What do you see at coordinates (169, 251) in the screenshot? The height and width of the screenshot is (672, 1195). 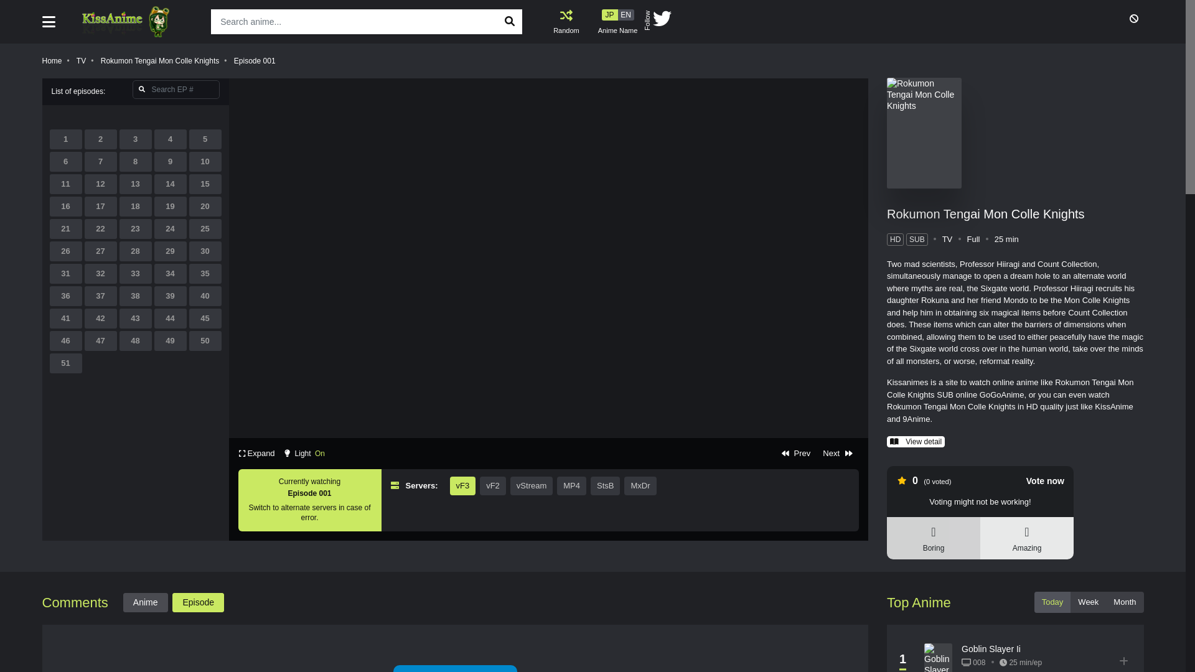 I see `'29'` at bounding box center [169, 251].